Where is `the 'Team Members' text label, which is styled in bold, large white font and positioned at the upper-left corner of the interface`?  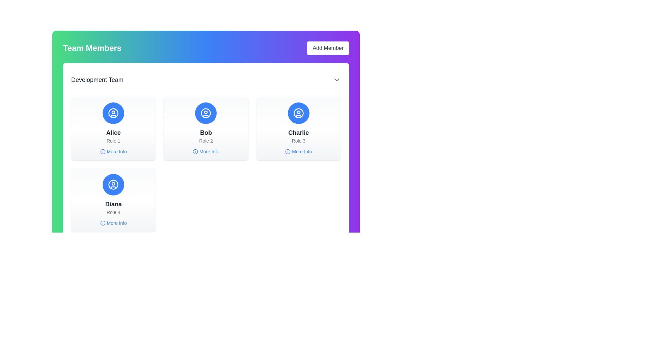
the 'Team Members' text label, which is styled in bold, large white font and positioned at the upper-left corner of the interface is located at coordinates (92, 48).